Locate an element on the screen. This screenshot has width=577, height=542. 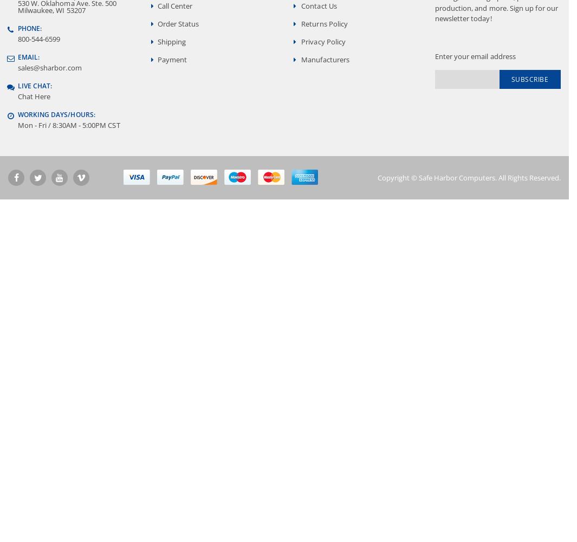
'Live Chat:' is located at coordinates (34, 85).